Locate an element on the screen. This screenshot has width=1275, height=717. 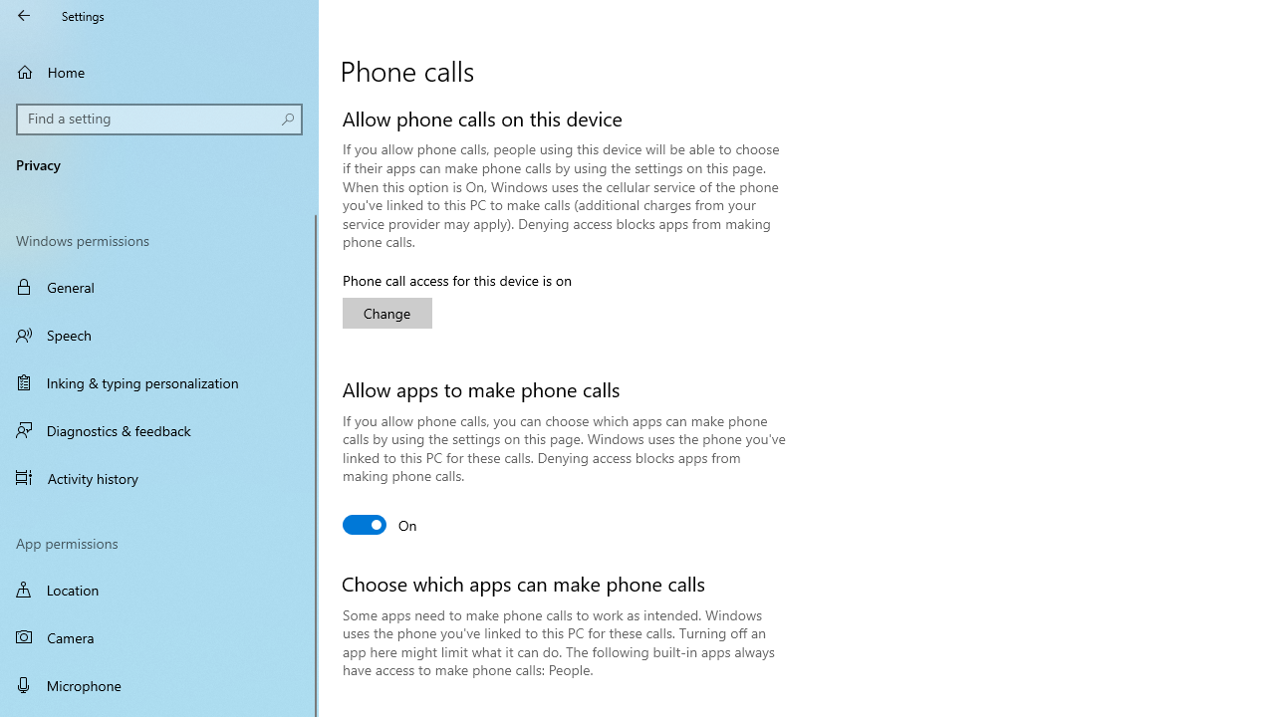
'General' is located at coordinates (159, 287).